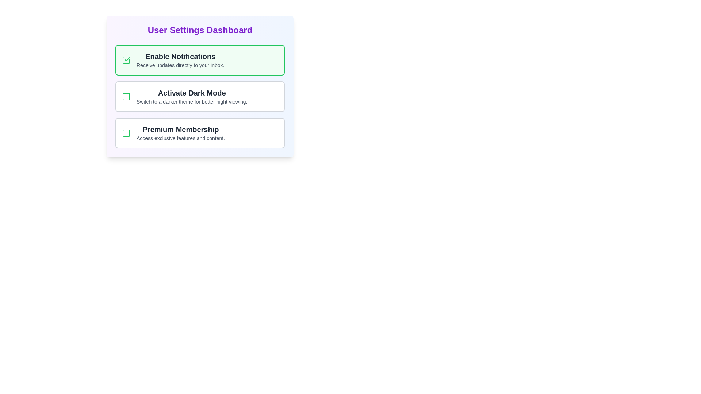 This screenshot has height=394, width=701. I want to click on the checkbox for 'Activate Dark Mode', which is a toggle indicator located to the left of the text, so click(126, 96).